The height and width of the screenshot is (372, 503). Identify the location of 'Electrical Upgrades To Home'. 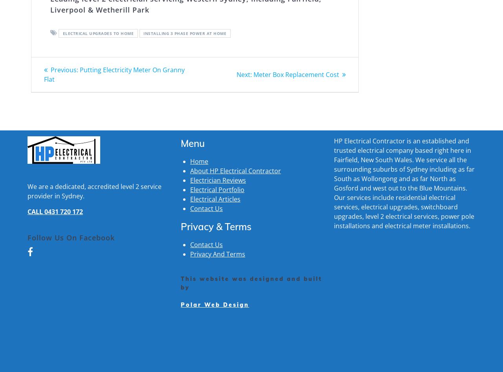
(62, 33).